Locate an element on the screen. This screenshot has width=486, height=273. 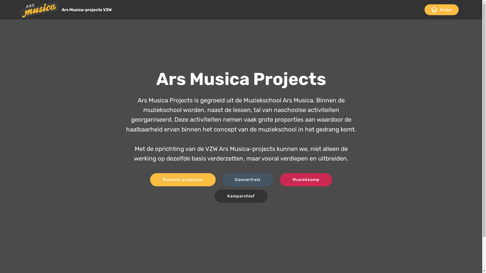
'Home' is located at coordinates (424, 10).